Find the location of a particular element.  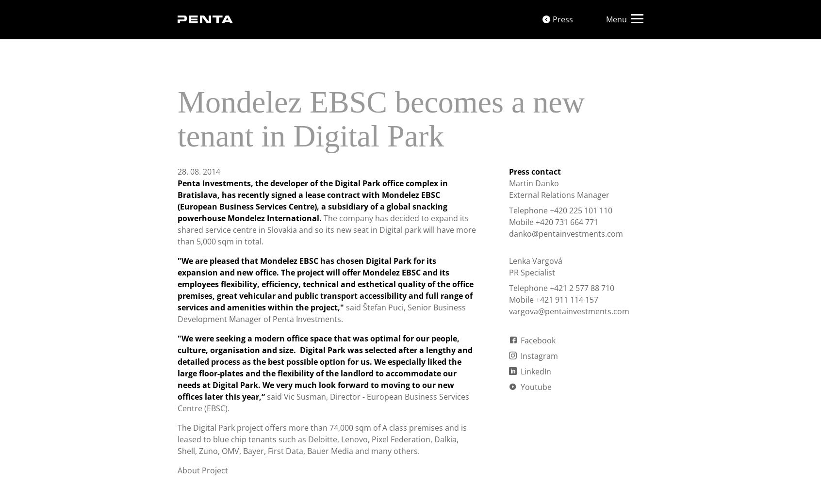

'Mobile +421 911 114 157' is located at coordinates (553, 299).